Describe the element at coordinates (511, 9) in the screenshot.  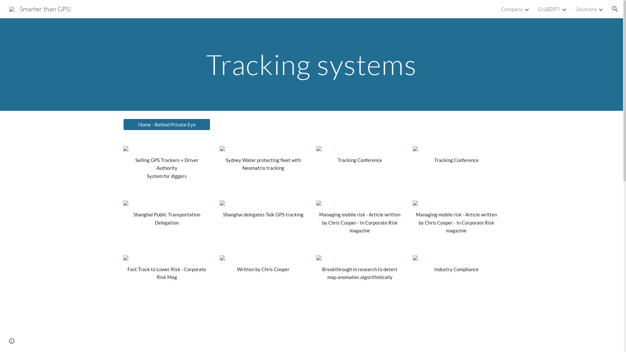
I see `'Company'` at that location.